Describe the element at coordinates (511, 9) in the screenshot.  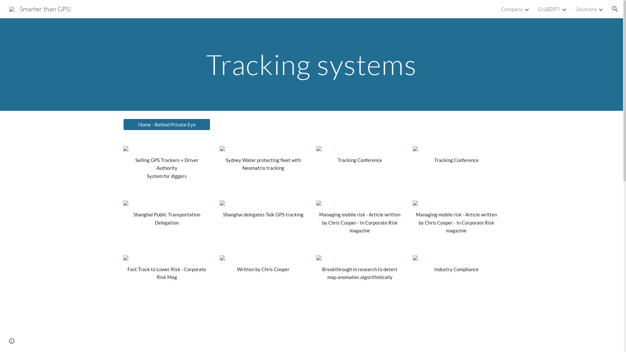
I see `'Company'` at that location.